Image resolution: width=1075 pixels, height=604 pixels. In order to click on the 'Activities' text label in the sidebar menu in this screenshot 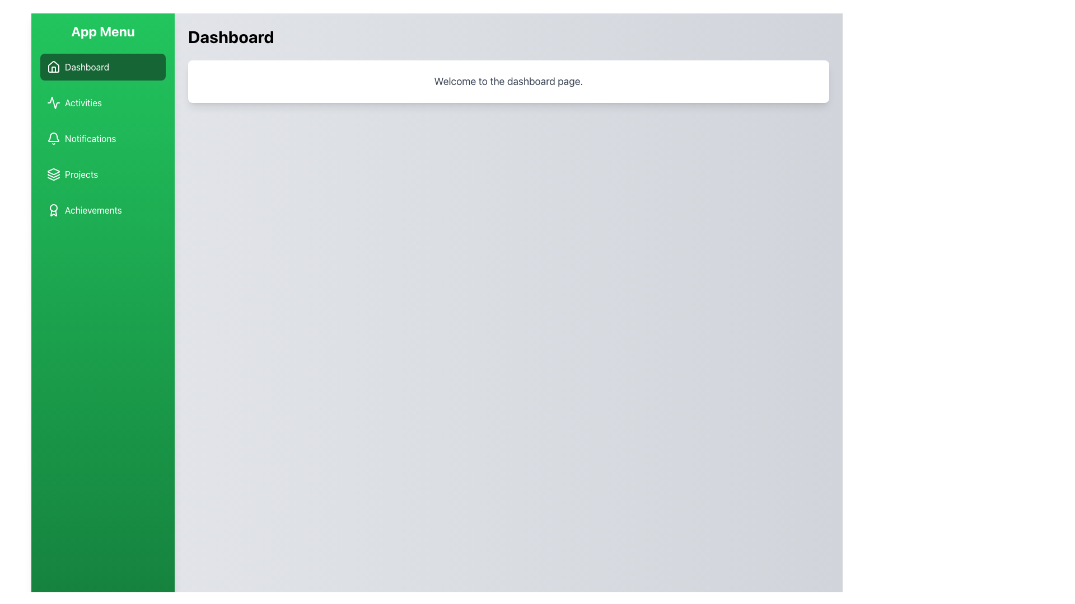, I will do `click(82, 103)`.